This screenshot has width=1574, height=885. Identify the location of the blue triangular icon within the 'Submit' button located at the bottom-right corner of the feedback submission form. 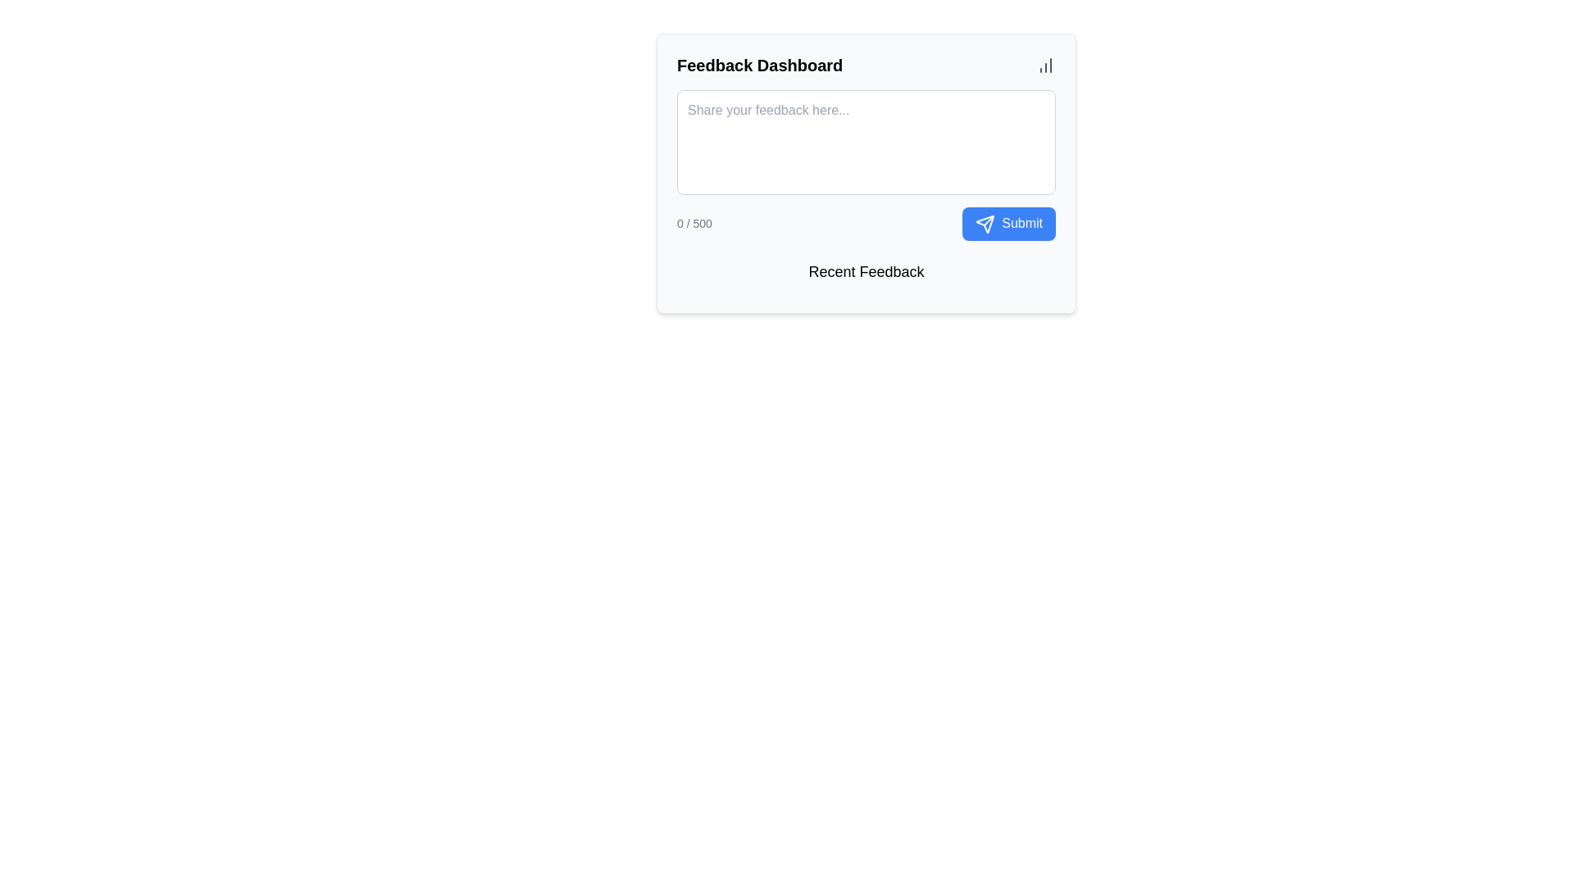
(985, 224).